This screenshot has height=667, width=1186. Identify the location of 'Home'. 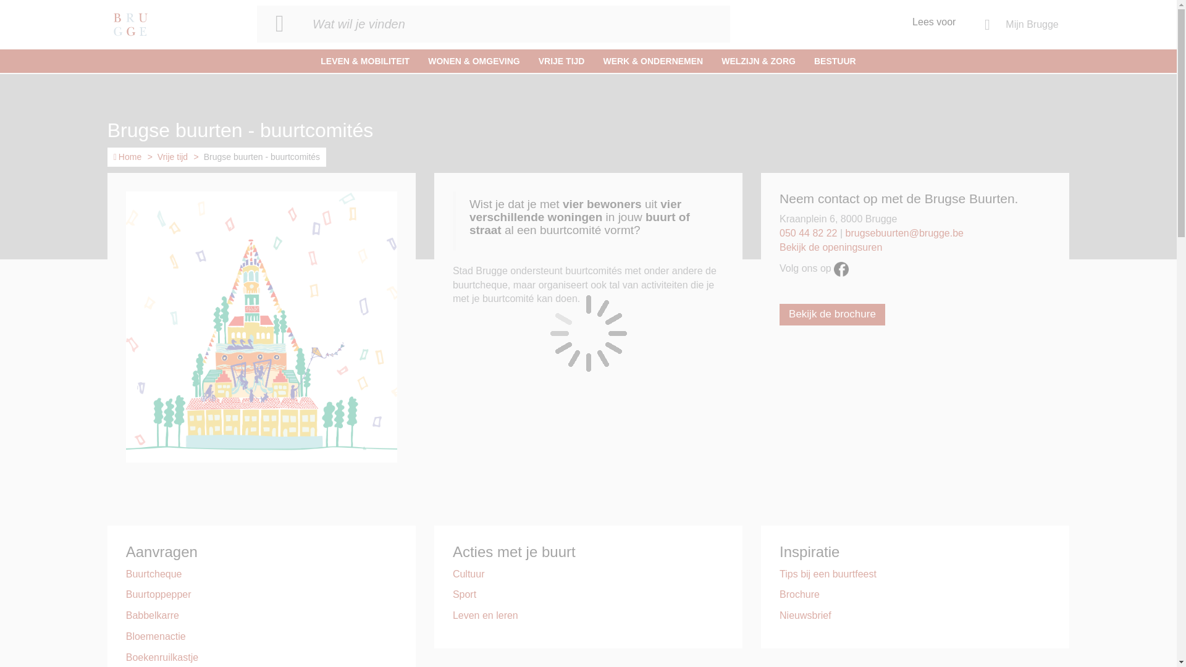
(127, 156).